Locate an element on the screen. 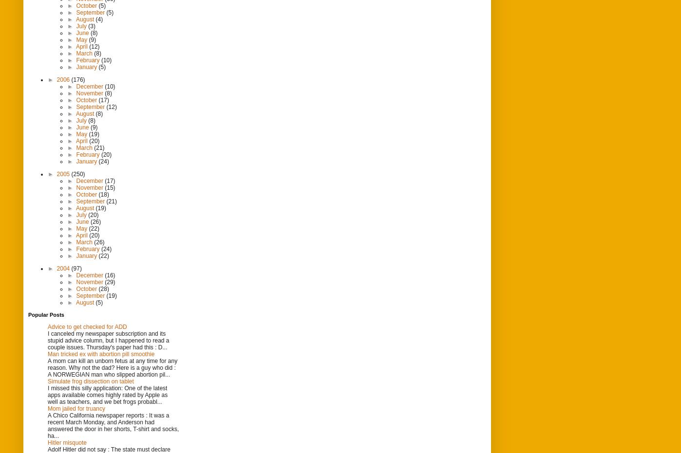 Image resolution: width=681 pixels, height=453 pixels. 'Man tricked ex with abortion pill smoothie' is located at coordinates (101, 353).